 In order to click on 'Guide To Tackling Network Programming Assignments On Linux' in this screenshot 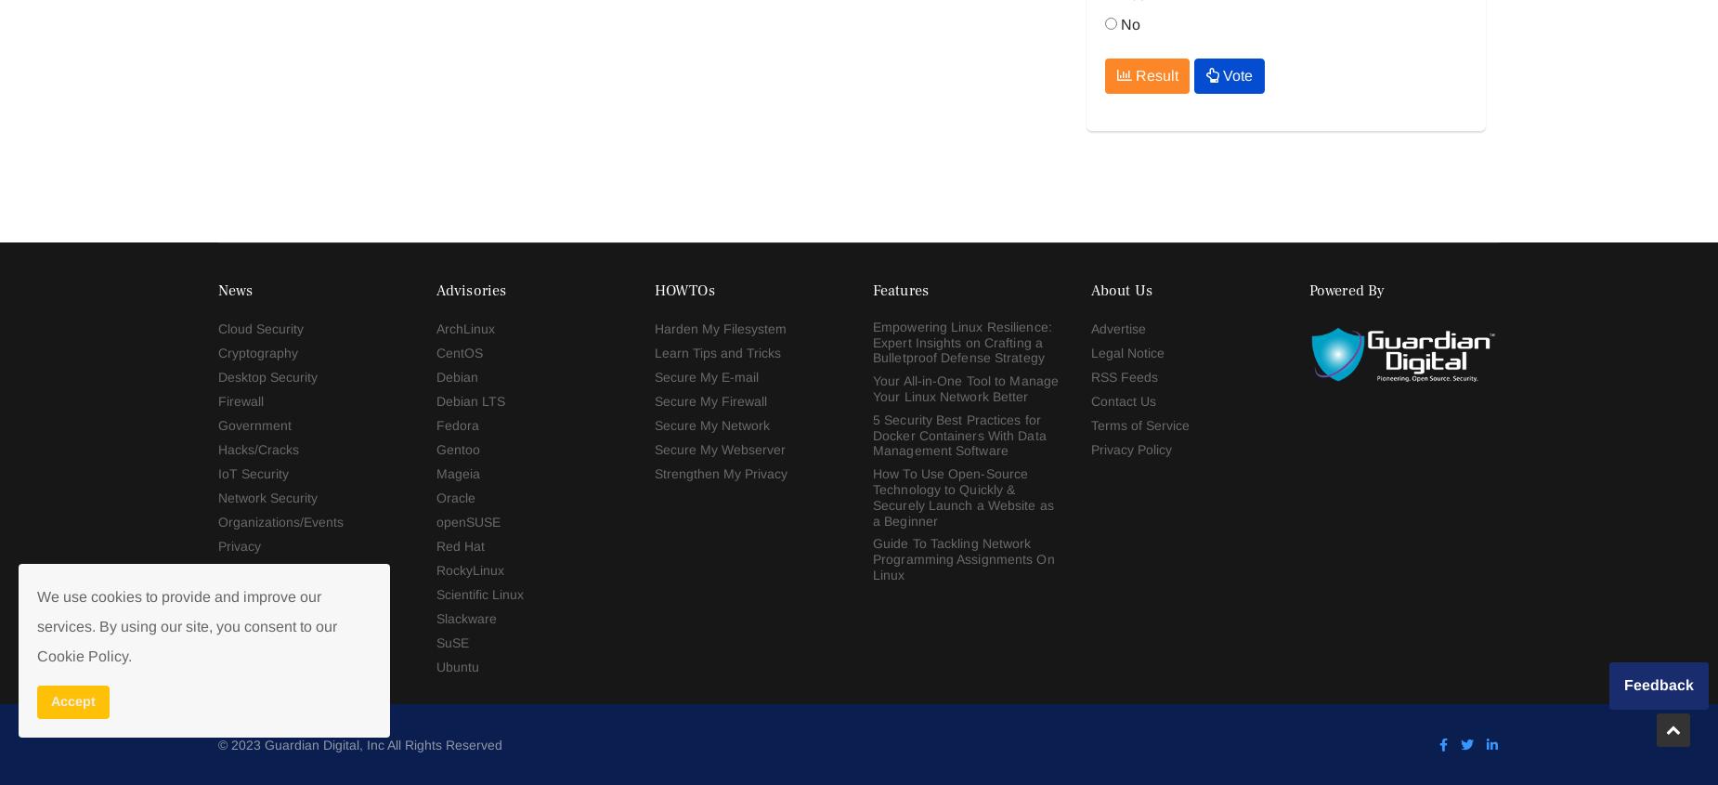, I will do `click(962, 91)`.